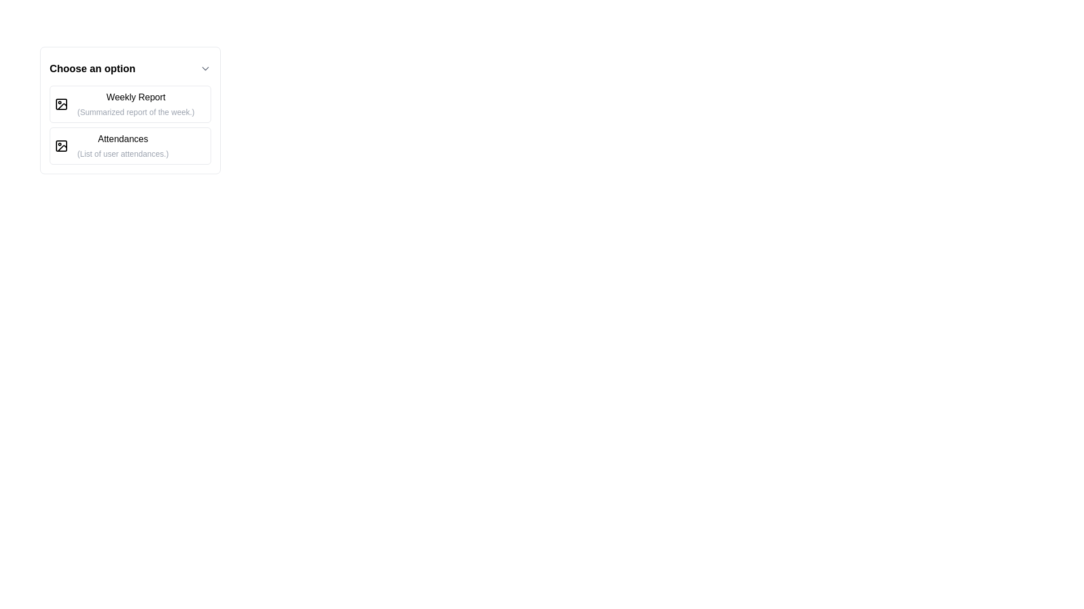 The width and height of the screenshot is (1084, 609). Describe the element at coordinates (123, 145) in the screenshot. I see `the 'Attendances' menu item, which is the second option in the list` at that location.